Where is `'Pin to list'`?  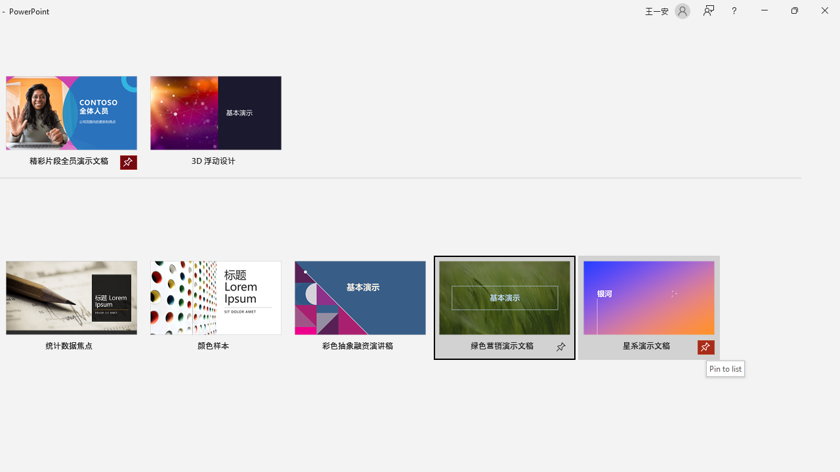 'Pin to list' is located at coordinates (705, 346).